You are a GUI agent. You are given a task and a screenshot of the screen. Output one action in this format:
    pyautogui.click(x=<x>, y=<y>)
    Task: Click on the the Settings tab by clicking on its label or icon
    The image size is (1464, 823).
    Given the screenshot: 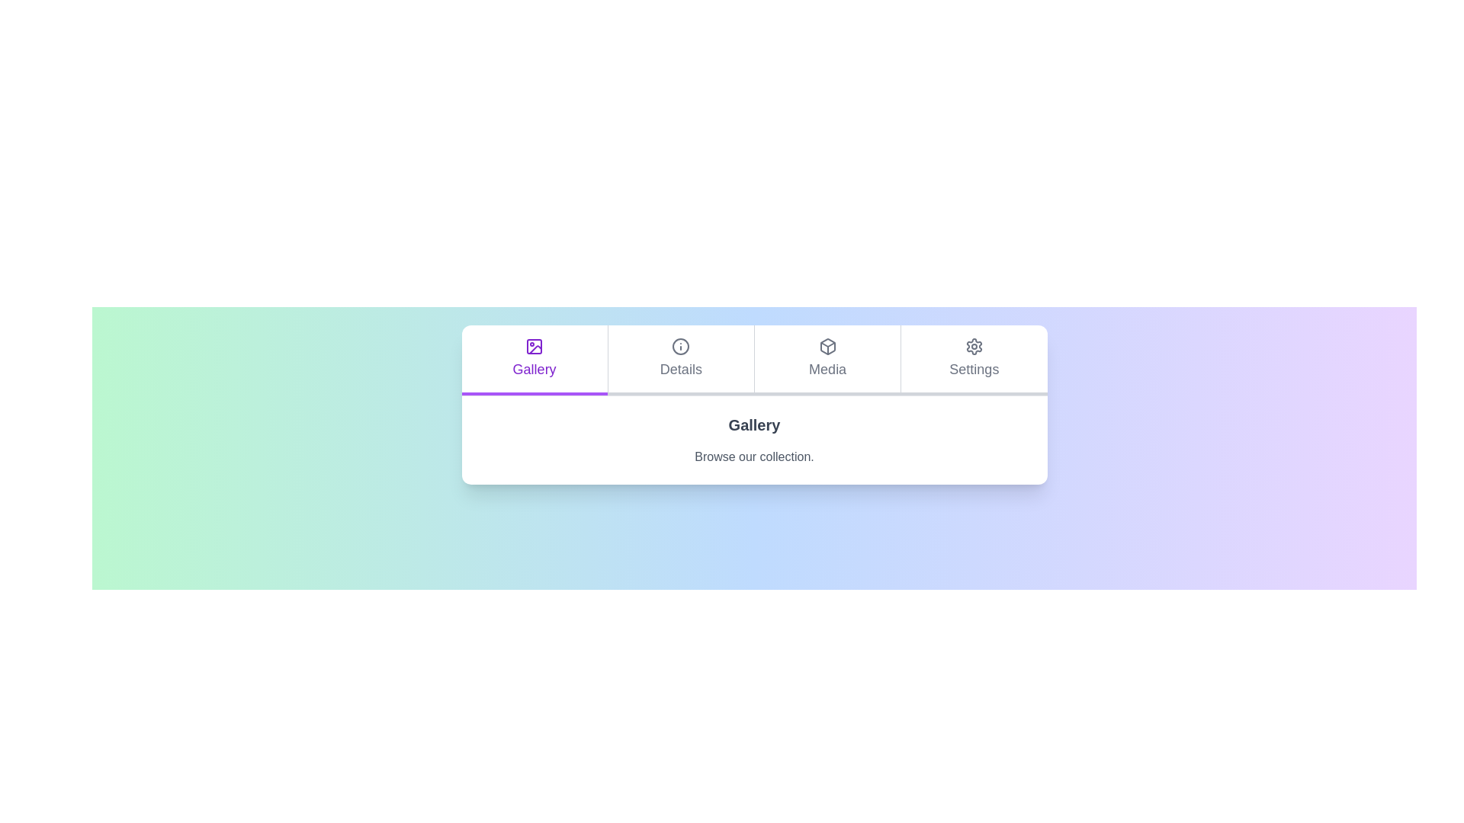 What is the action you would take?
    pyautogui.click(x=972, y=360)
    